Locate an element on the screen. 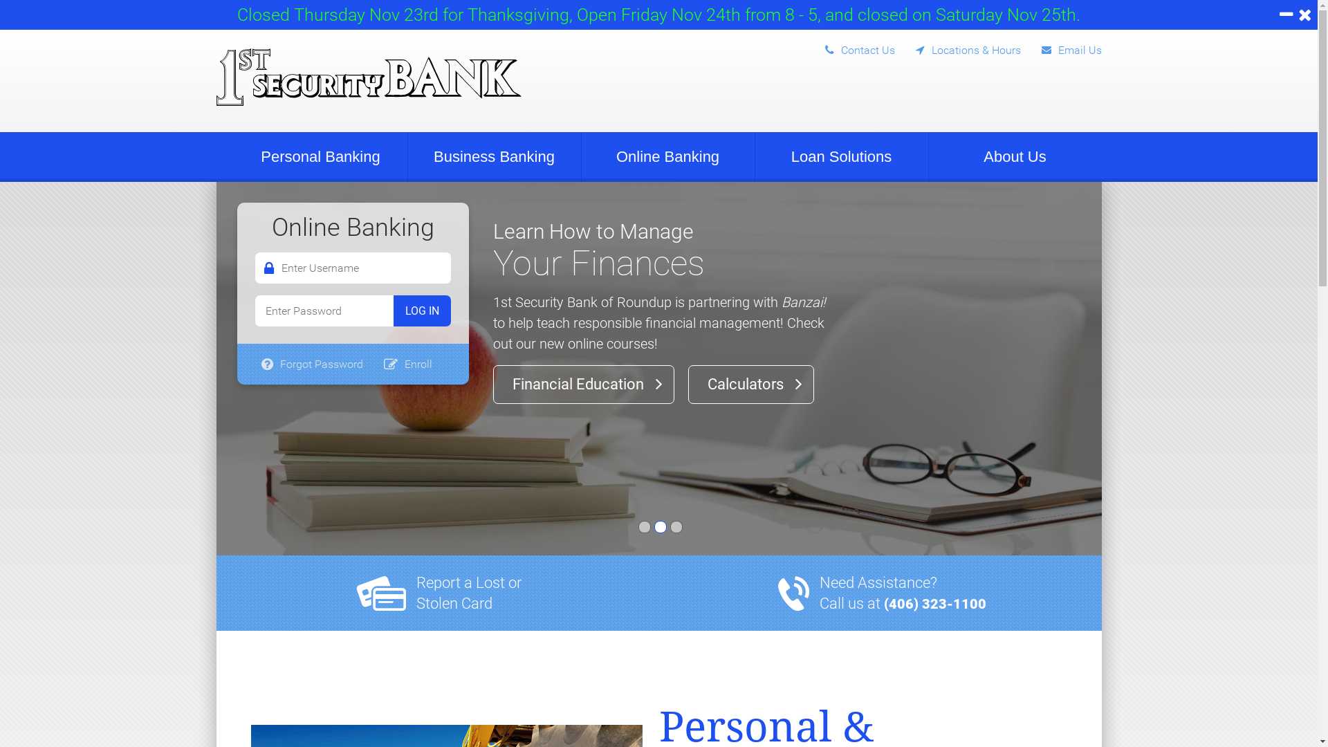 This screenshot has width=1328, height=747. 'Loan Solutions' is located at coordinates (754, 156).